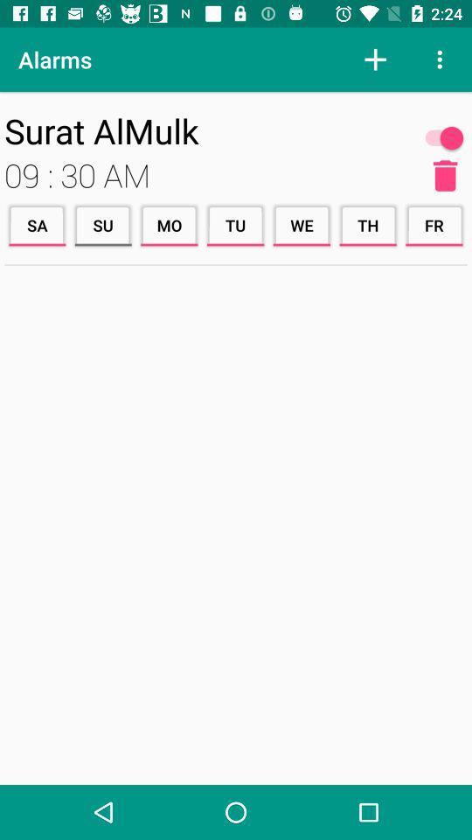 The image size is (472, 840). What do you see at coordinates (301, 224) in the screenshot?
I see `the icon next to th icon` at bounding box center [301, 224].